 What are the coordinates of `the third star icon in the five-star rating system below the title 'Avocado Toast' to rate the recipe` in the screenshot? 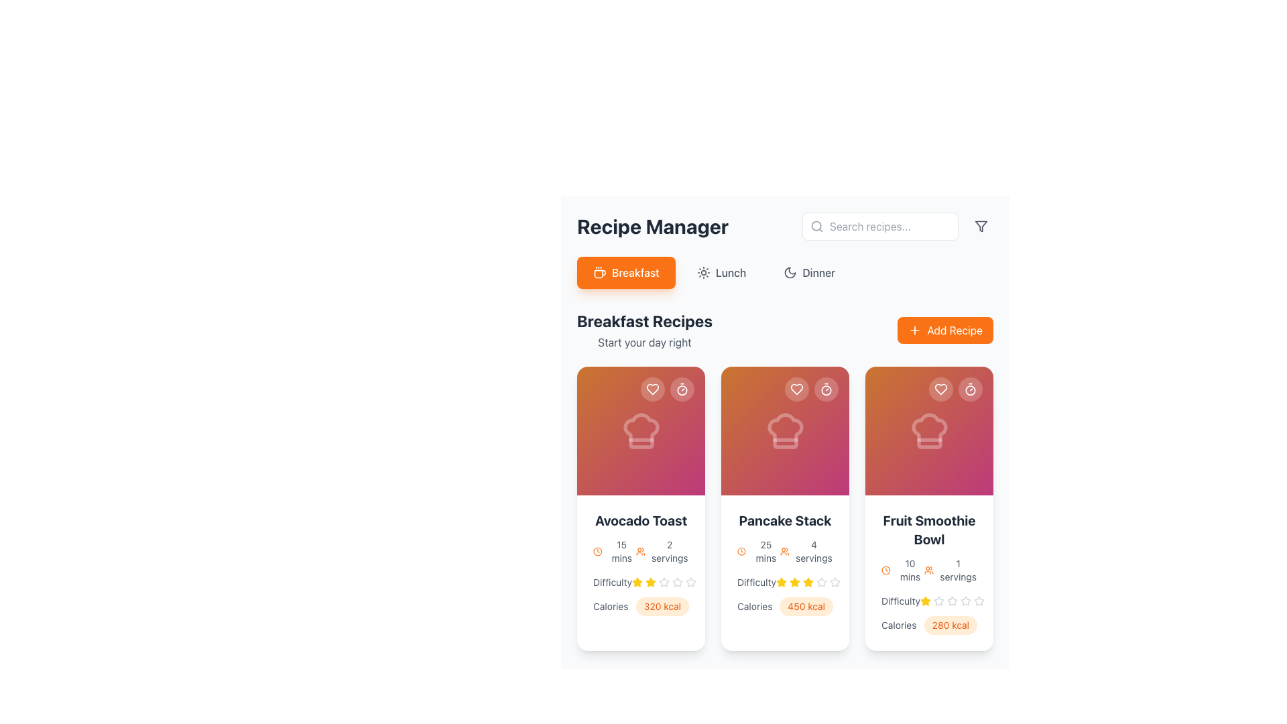 It's located at (677, 581).